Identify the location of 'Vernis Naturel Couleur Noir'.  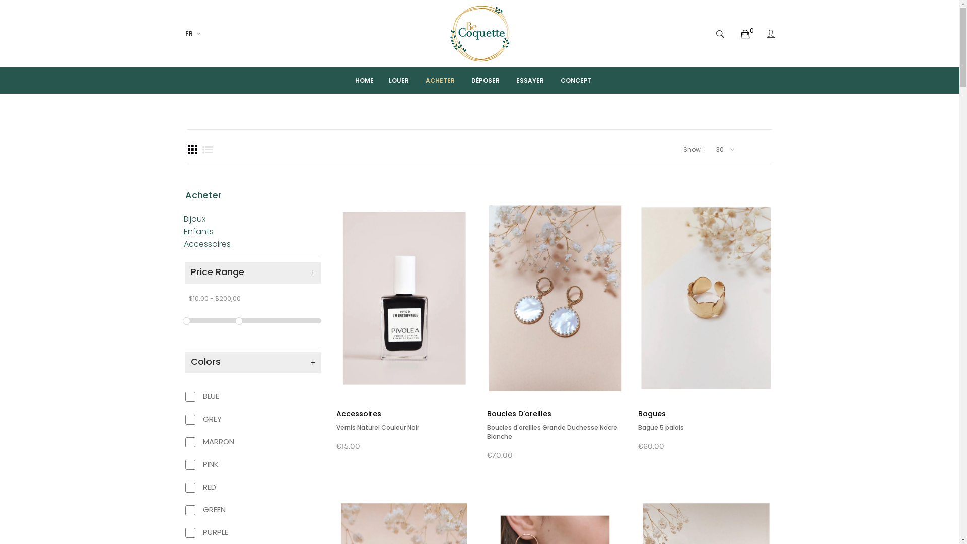
(377, 427).